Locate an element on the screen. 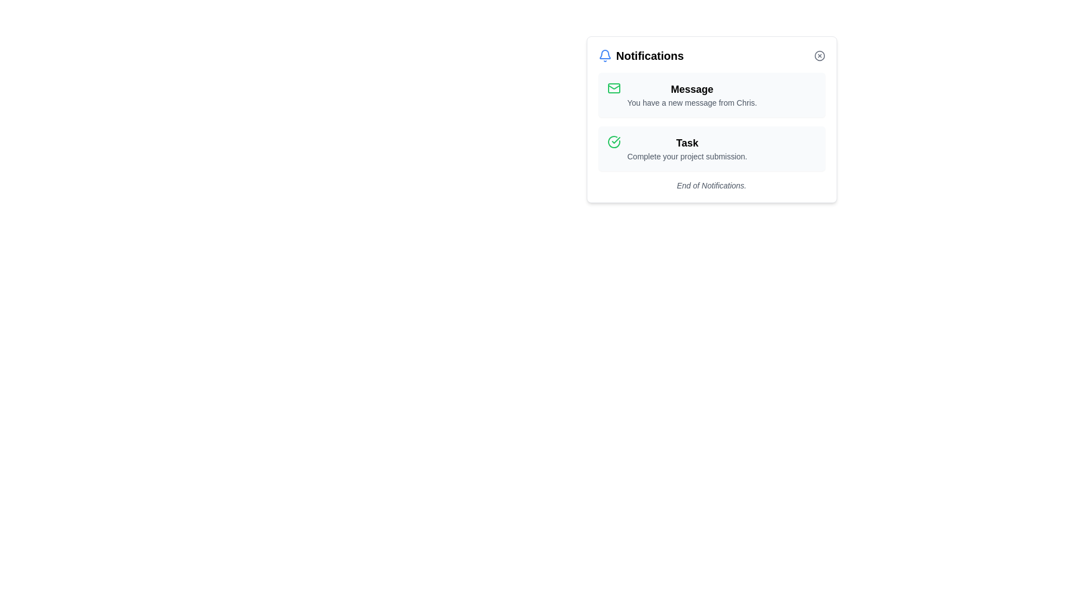 The image size is (1073, 604). the bell icon representing notifications, located at the left within the header of the notification panel is located at coordinates (604, 56).